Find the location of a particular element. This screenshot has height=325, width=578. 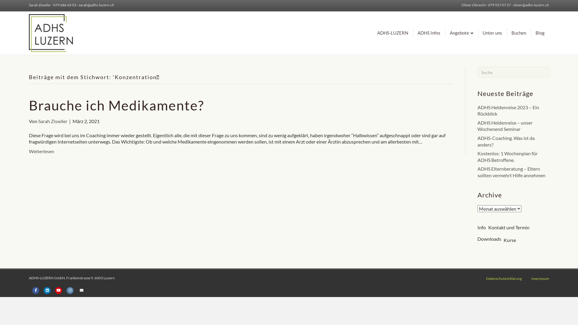

'Kurse' is located at coordinates (509, 240).